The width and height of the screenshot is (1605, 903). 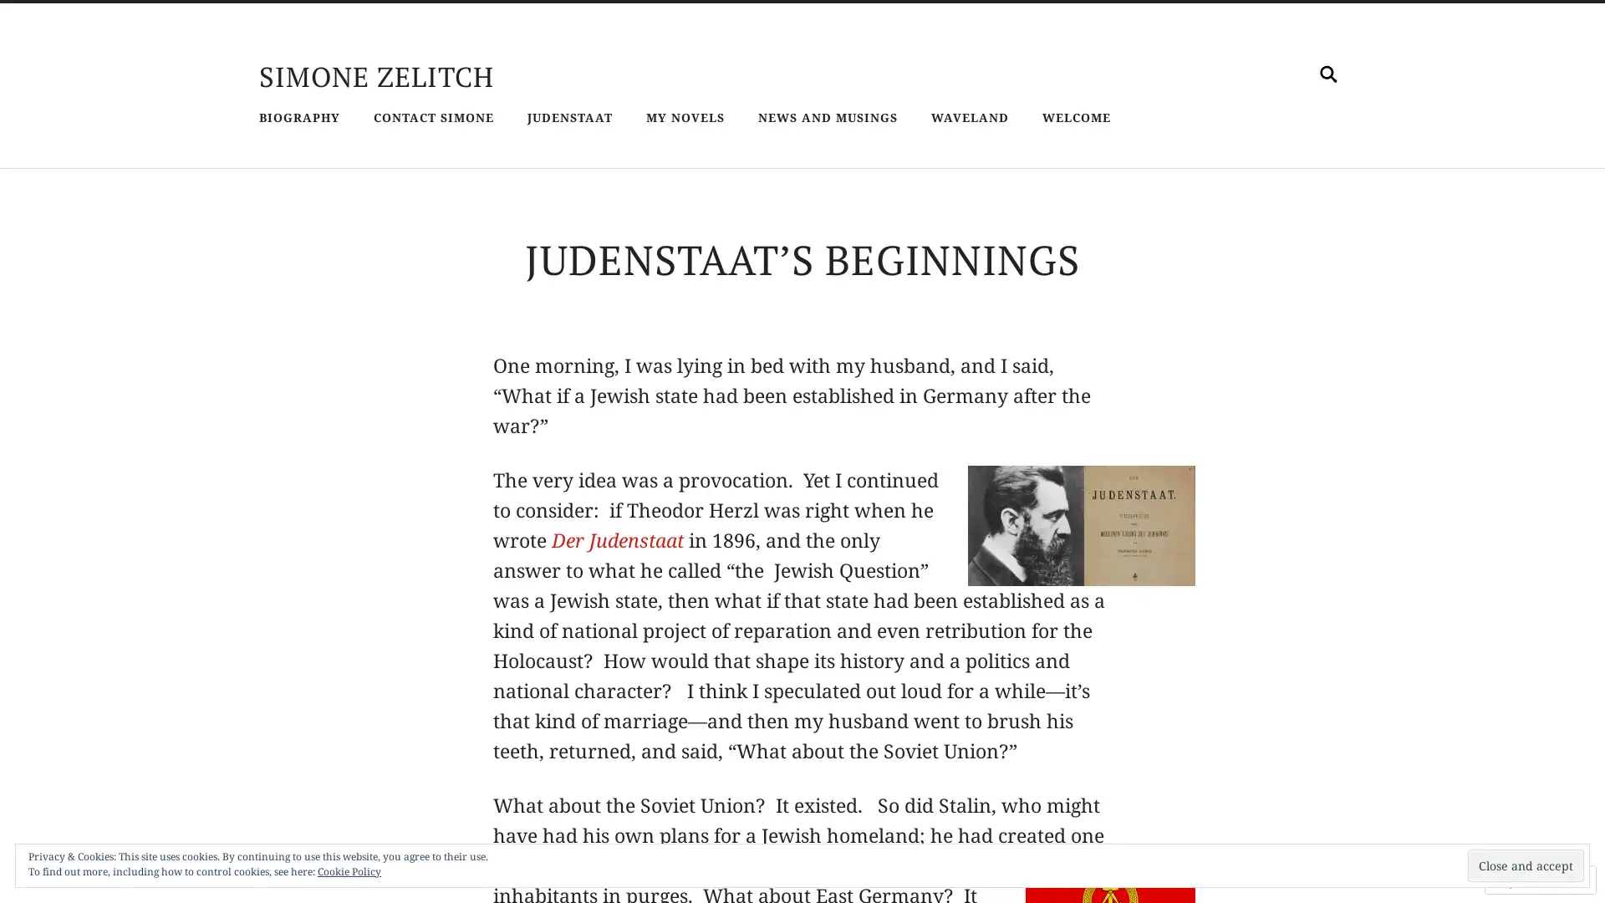 I want to click on Close and accept, so click(x=1526, y=865).